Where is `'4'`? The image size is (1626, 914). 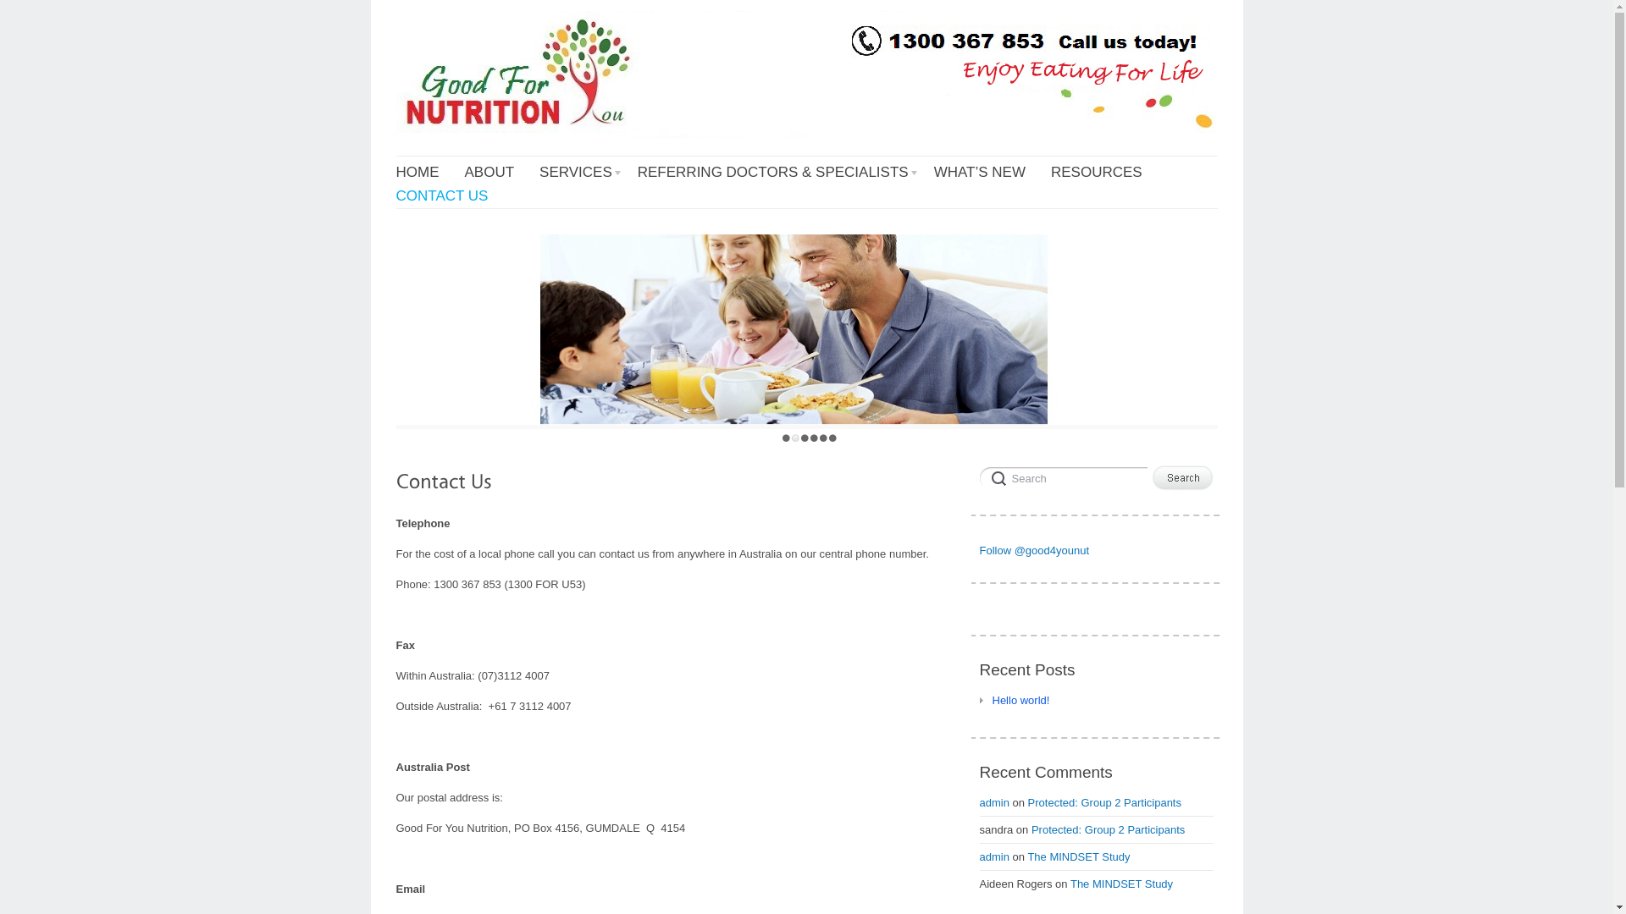 '4' is located at coordinates (814, 437).